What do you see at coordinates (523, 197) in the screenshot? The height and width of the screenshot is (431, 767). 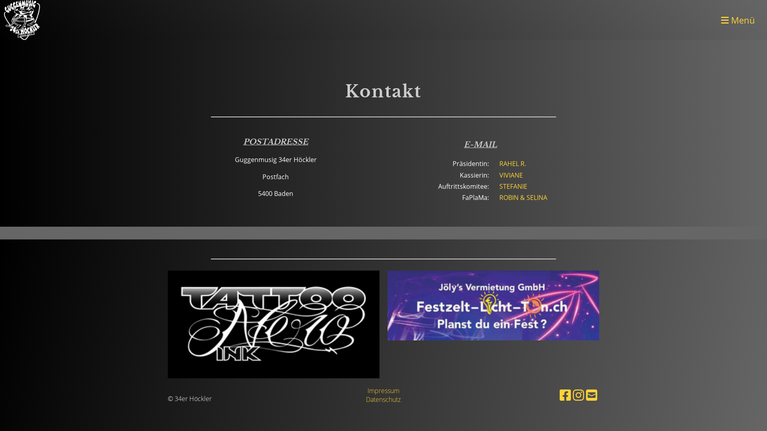 I see `'ROBIN & SELINA'` at bounding box center [523, 197].